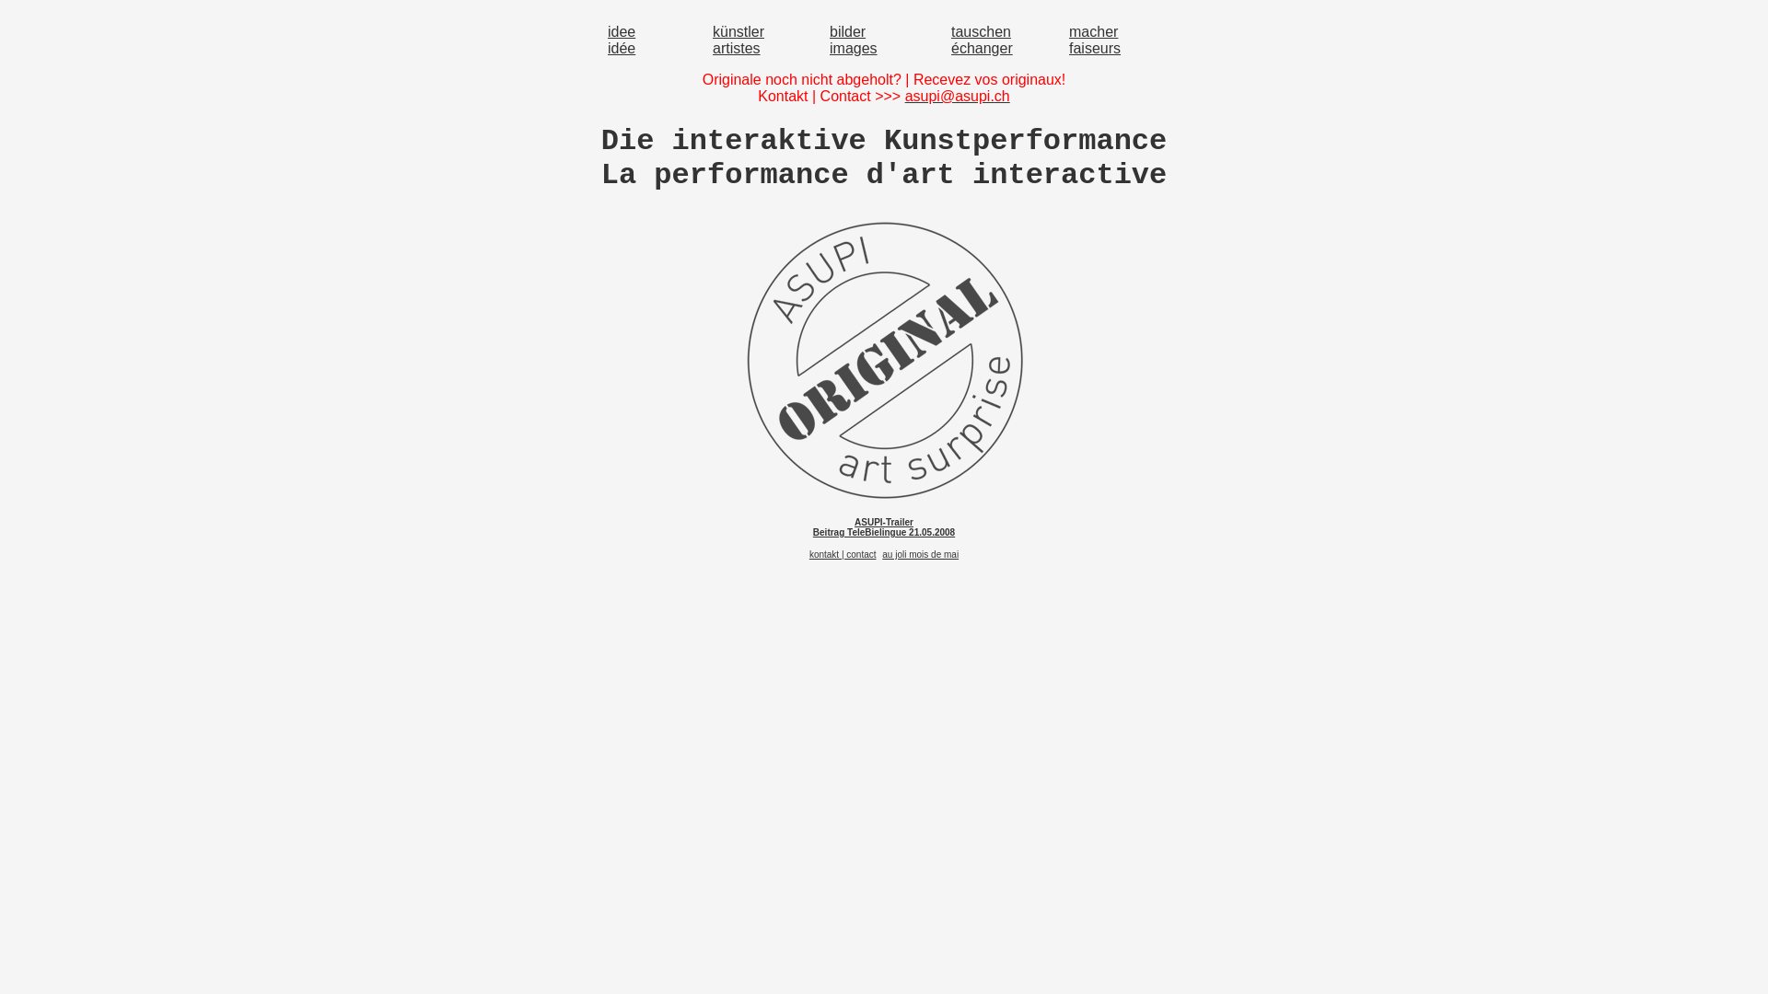 Image resolution: width=1768 pixels, height=994 pixels. Describe the element at coordinates (842, 553) in the screenshot. I see `'kontakt | contact'` at that location.